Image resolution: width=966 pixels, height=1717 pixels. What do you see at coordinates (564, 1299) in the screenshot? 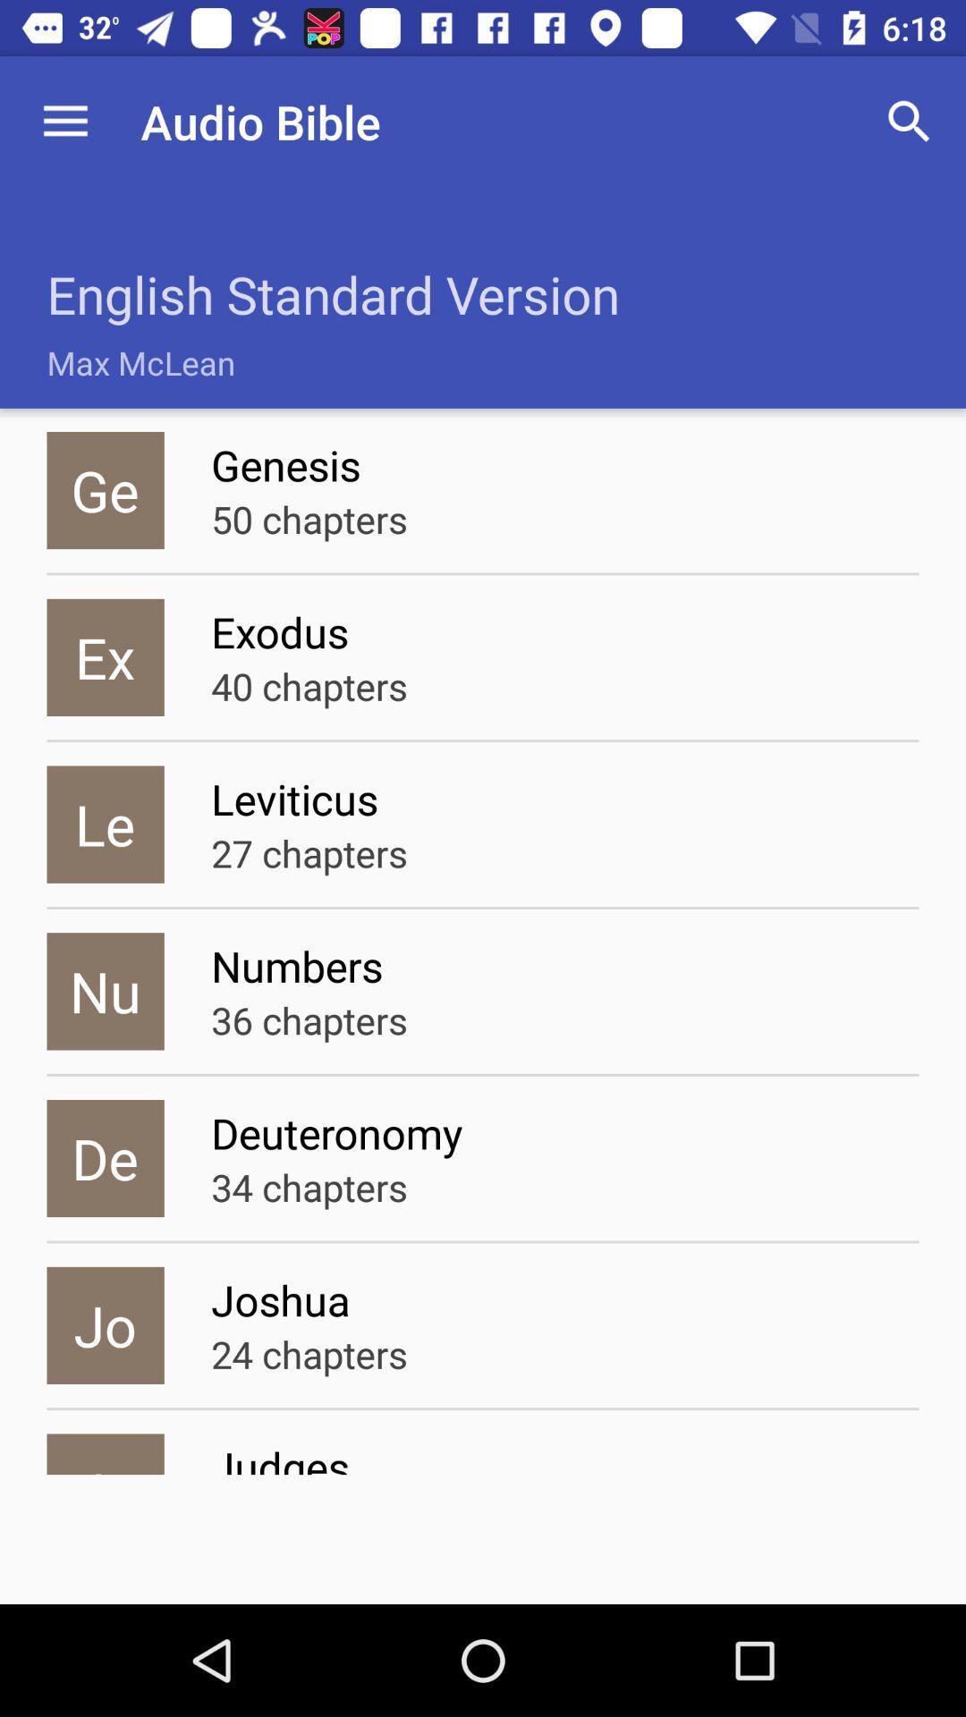
I see `joshua` at bounding box center [564, 1299].